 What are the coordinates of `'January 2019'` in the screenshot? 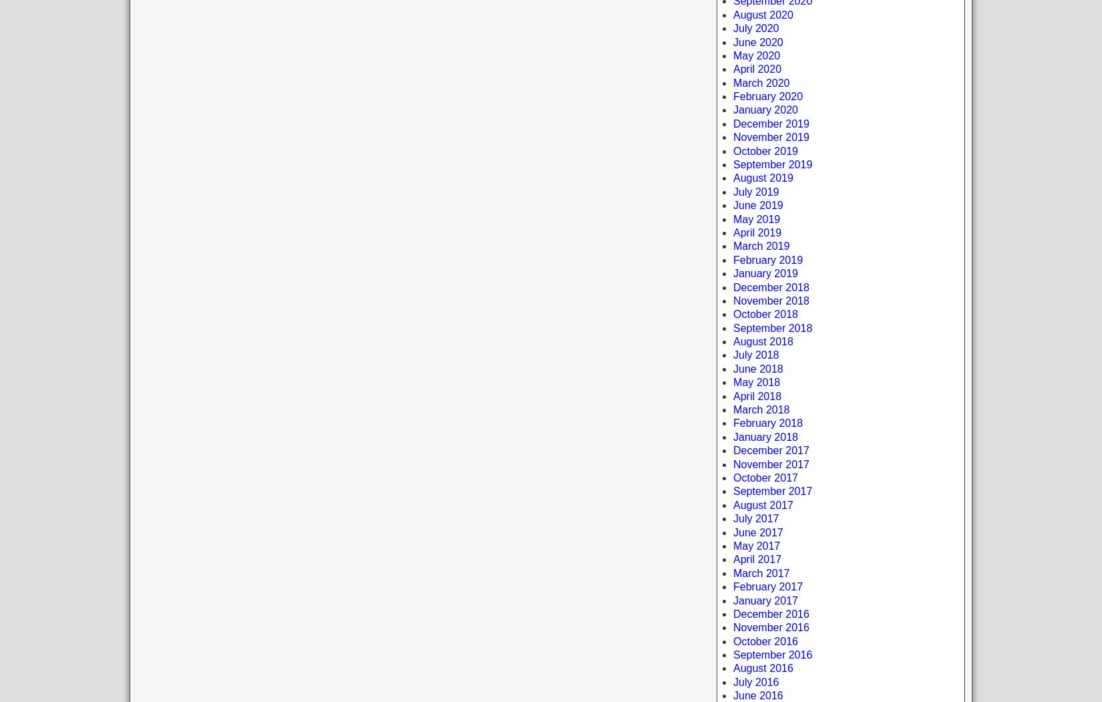 It's located at (765, 273).